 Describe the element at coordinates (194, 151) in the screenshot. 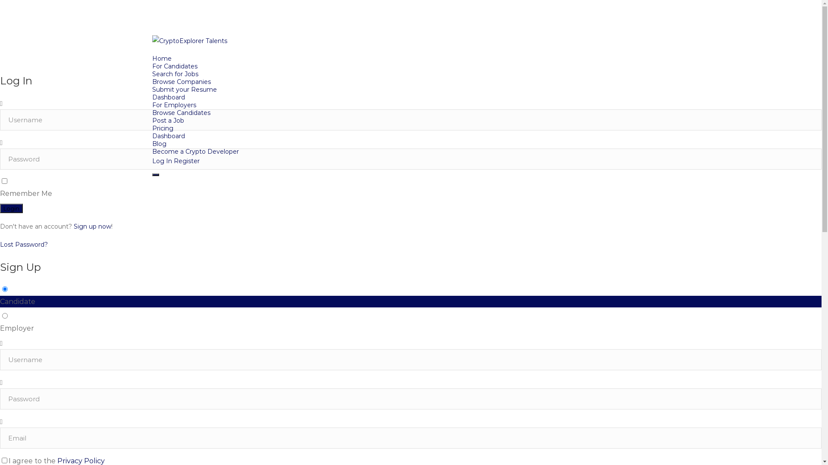

I see `'Become a Crypto Developer'` at that location.